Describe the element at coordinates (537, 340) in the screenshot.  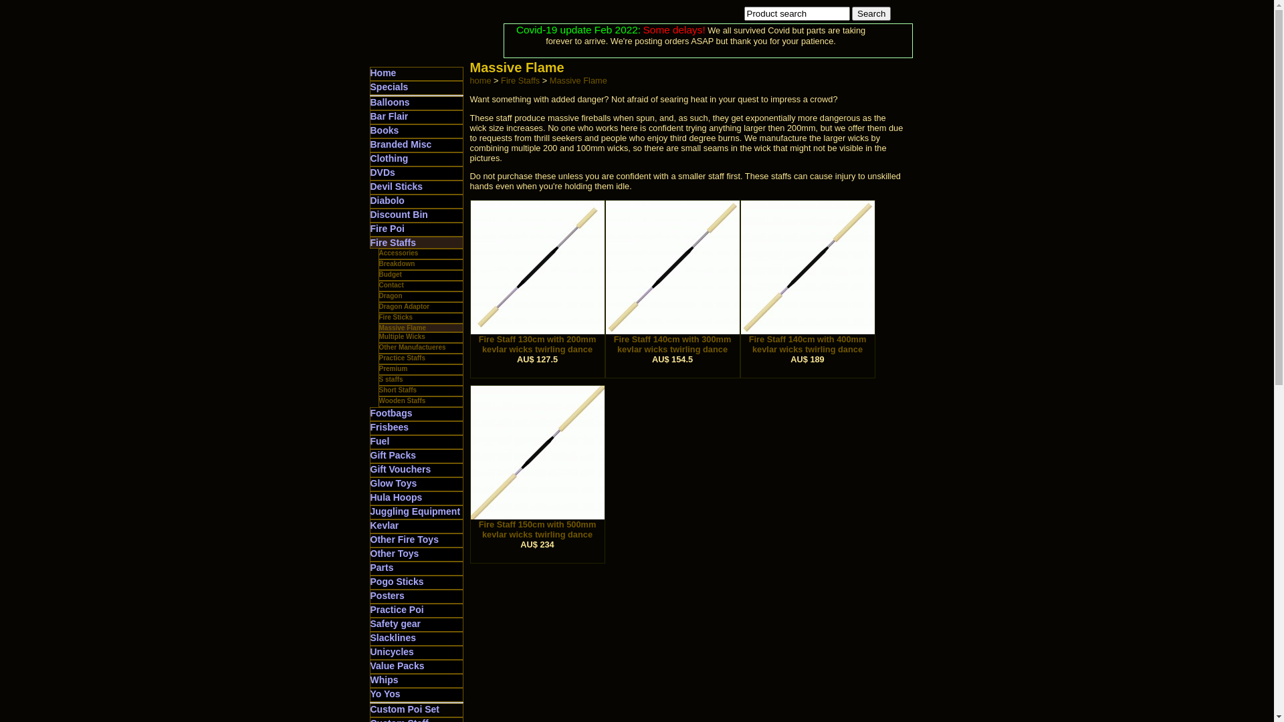
I see `'Fire Staff 130cm with 200mm kevlar wicks twirling dance'` at that location.